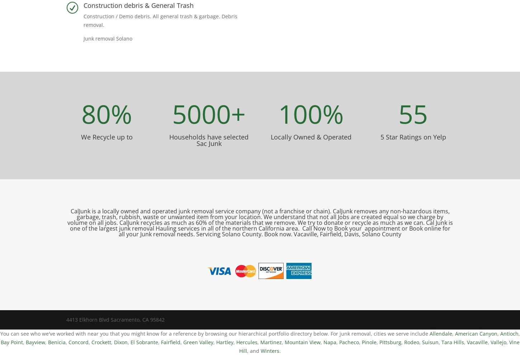  I want to click on 'Crockett', so click(101, 342).